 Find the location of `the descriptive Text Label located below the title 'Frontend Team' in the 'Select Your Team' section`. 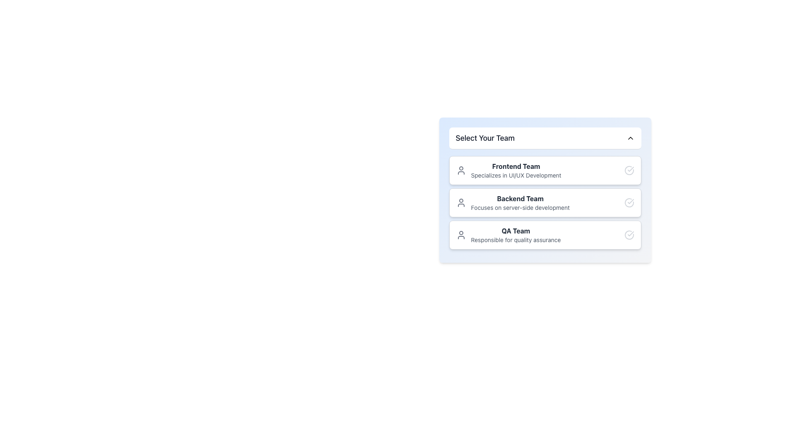

the descriptive Text Label located below the title 'Frontend Team' in the 'Select Your Team' section is located at coordinates (516, 175).